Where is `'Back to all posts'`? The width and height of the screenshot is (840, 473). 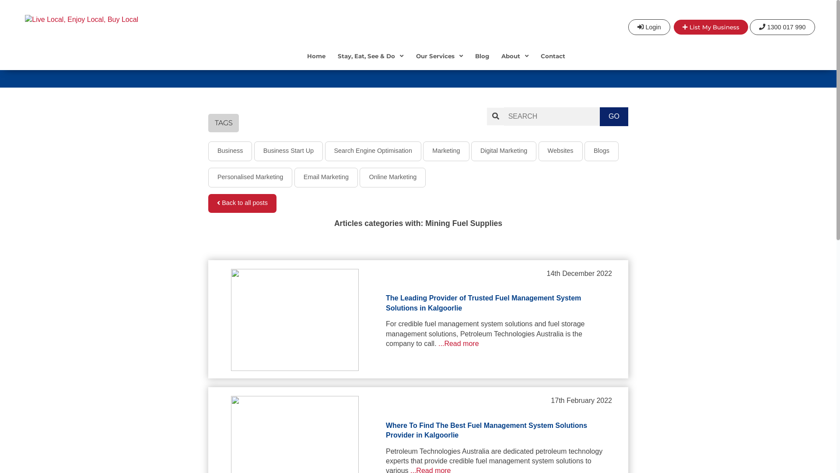
'Back to all posts' is located at coordinates (207, 203).